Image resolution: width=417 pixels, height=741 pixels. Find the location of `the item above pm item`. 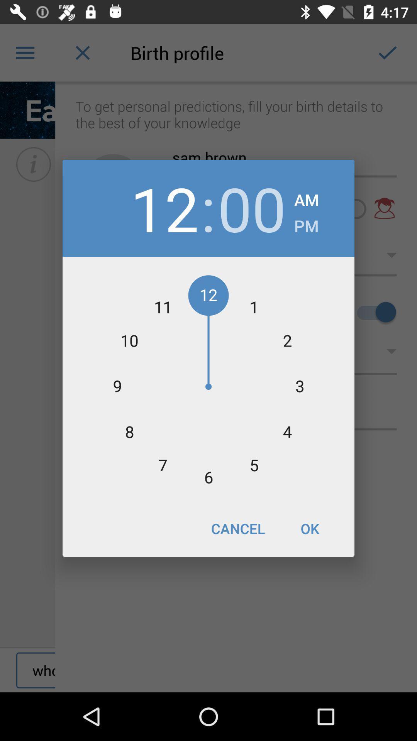

the item above pm item is located at coordinates (306, 198).